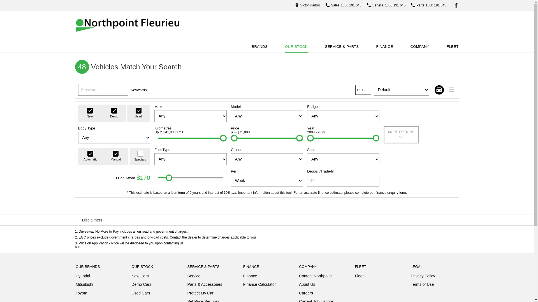 Image resolution: width=538 pixels, height=302 pixels. Describe the element at coordinates (384, 46) in the screenshot. I see `'FINANCE'` at that location.